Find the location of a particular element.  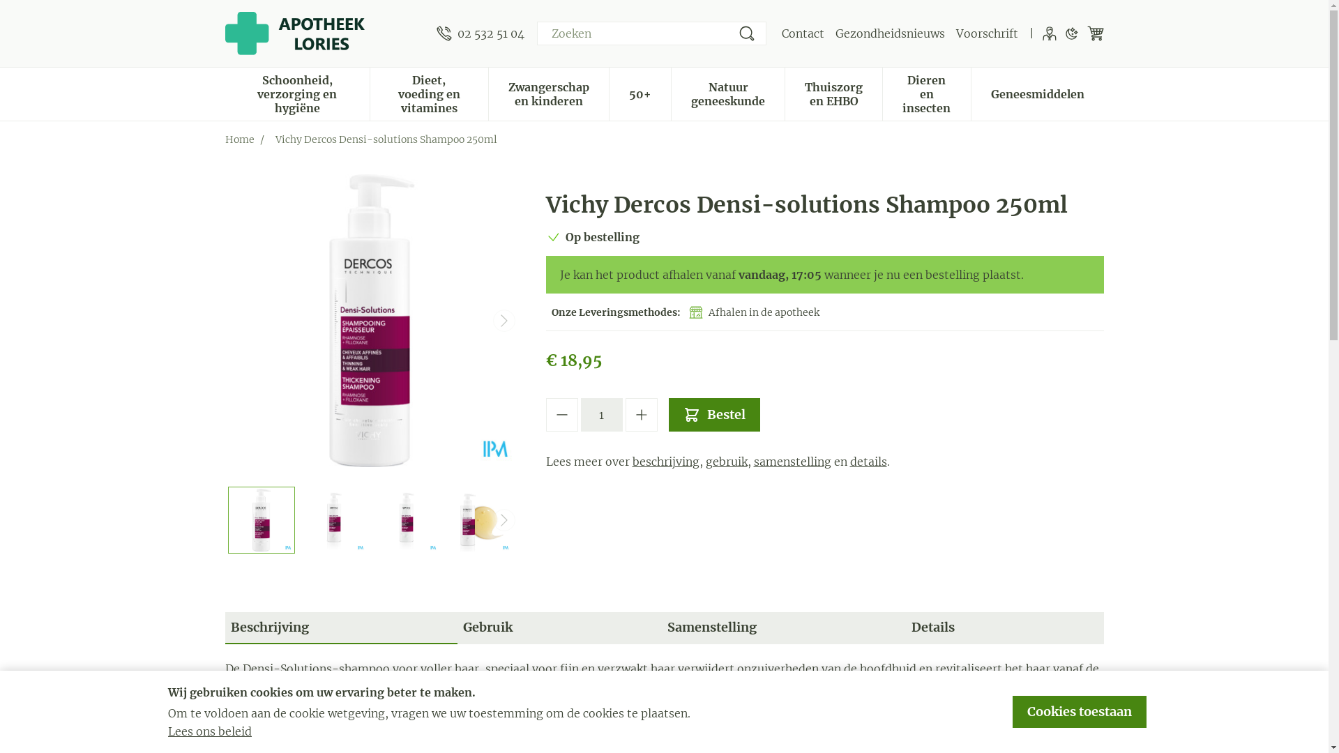

'Thuiszorg en EHBO' is located at coordinates (833, 92).